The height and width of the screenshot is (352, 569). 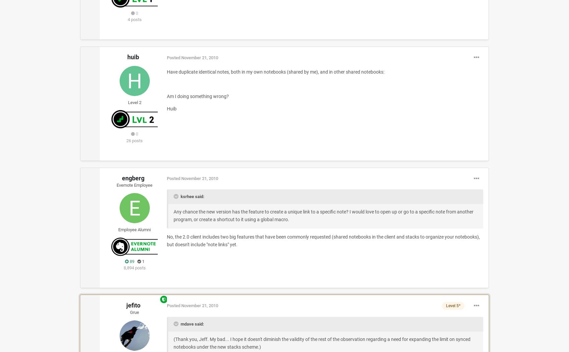 I want to click on '89', so click(x=131, y=261).